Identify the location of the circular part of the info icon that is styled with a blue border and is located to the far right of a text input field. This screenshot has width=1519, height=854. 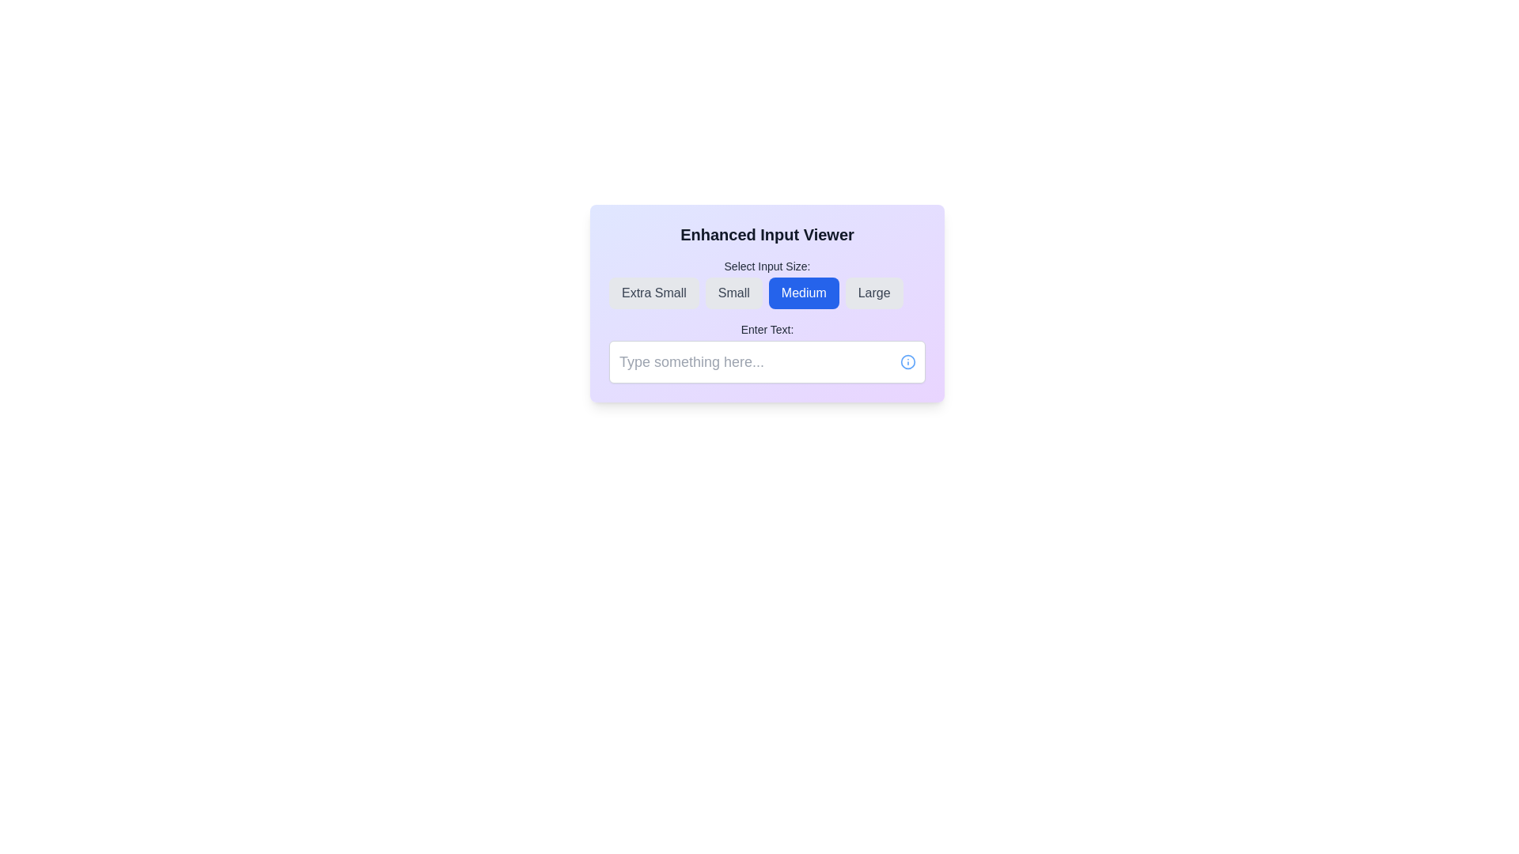
(907, 362).